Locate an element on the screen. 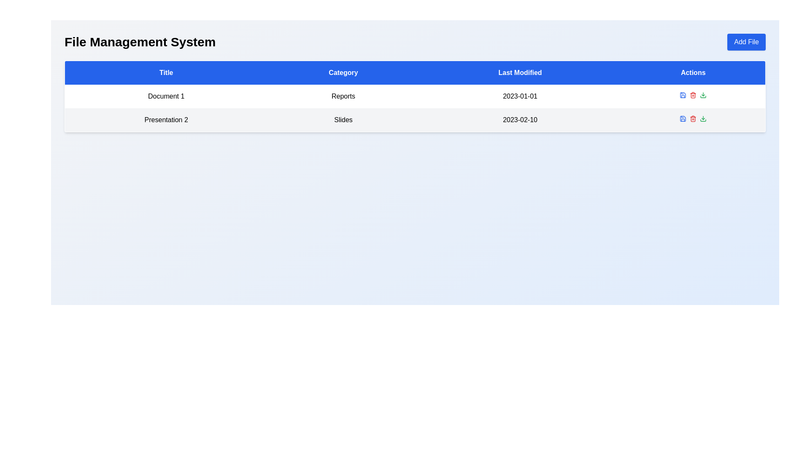  the red trash icon button located in the 'Actions' column of the first row in the table is located at coordinates (693, 95).